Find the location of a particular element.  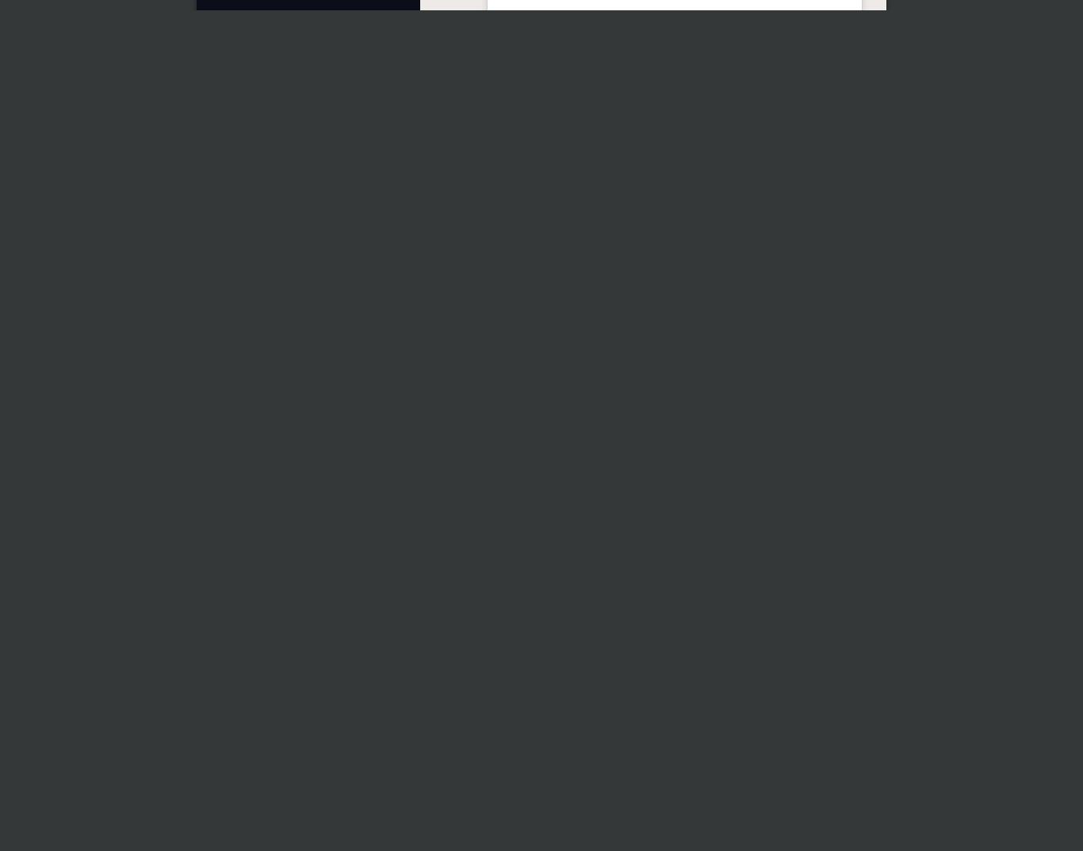

'Instagram' is located at coordinates (634, 493).